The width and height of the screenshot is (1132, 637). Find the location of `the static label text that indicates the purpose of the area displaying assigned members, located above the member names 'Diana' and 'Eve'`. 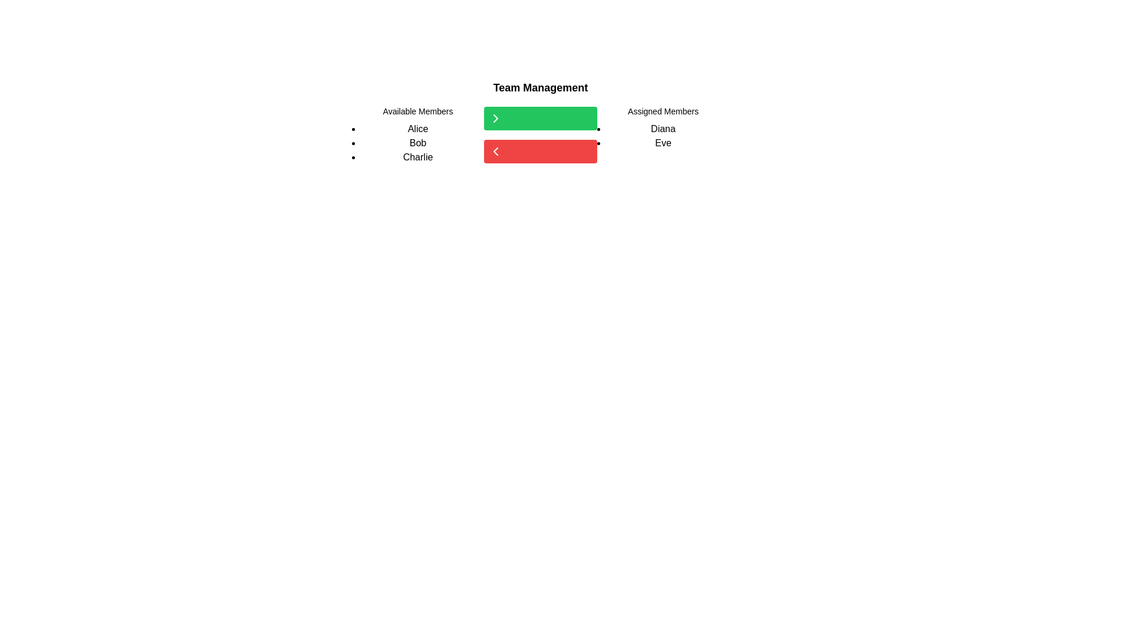

the static label text that indicates the purpose of the area displaying assigned members, located above the member names 'Diana' and 'Eve' is located at coordinates (663, 111).